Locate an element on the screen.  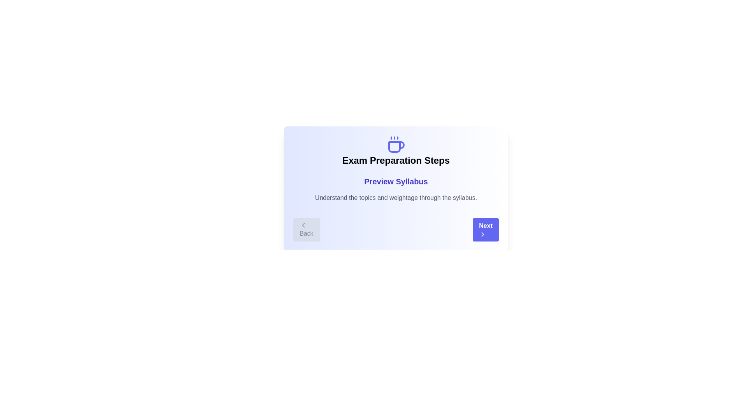
'Next' button to navigate to the next step is located at coordinates (485, 229).